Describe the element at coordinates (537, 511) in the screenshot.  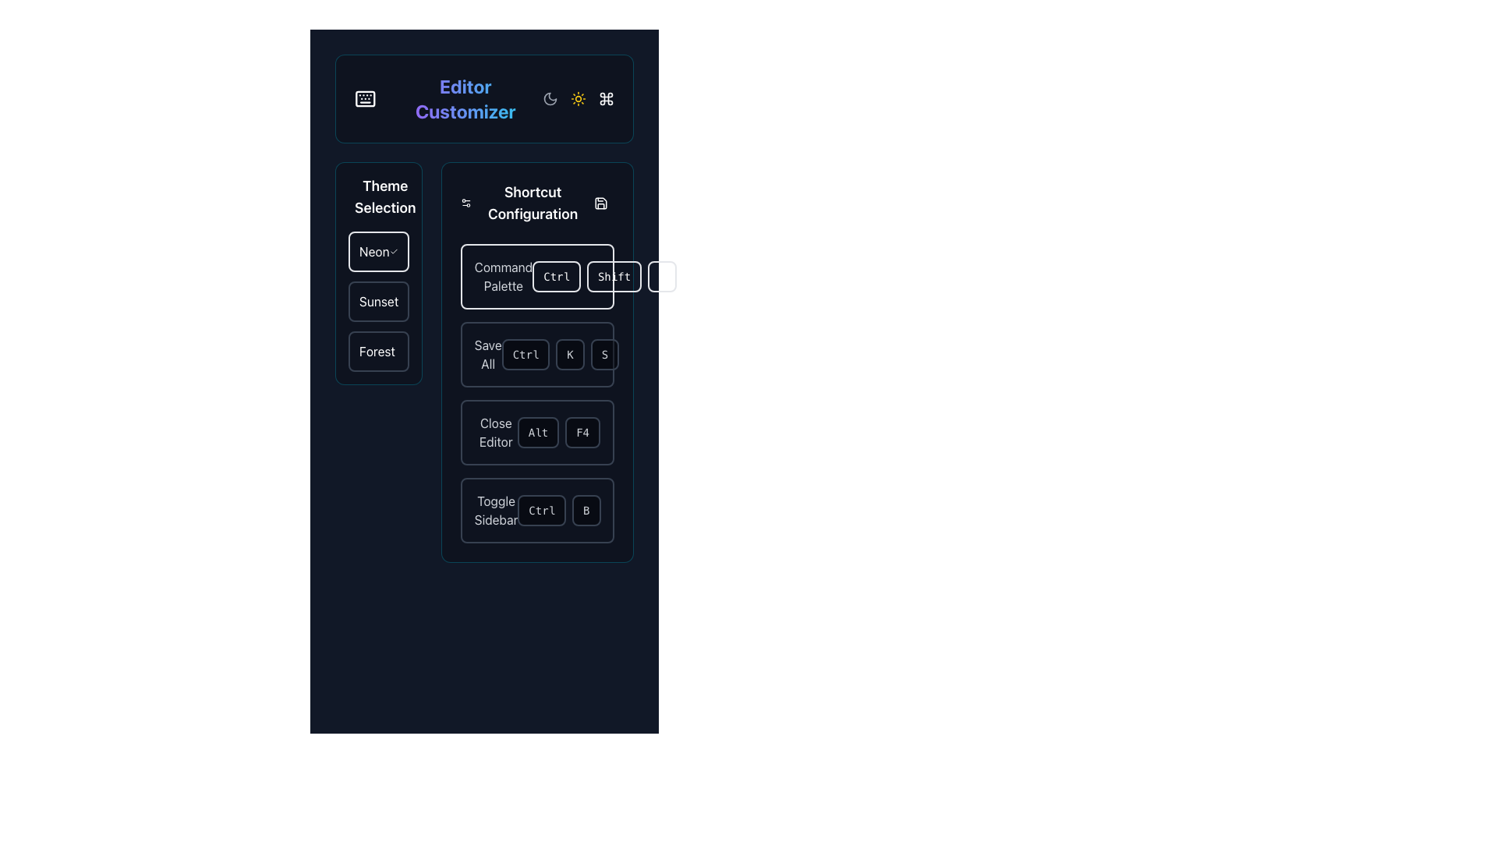
I see `the button at the bottom of the 'Shortcut Configuration' section` at that location.